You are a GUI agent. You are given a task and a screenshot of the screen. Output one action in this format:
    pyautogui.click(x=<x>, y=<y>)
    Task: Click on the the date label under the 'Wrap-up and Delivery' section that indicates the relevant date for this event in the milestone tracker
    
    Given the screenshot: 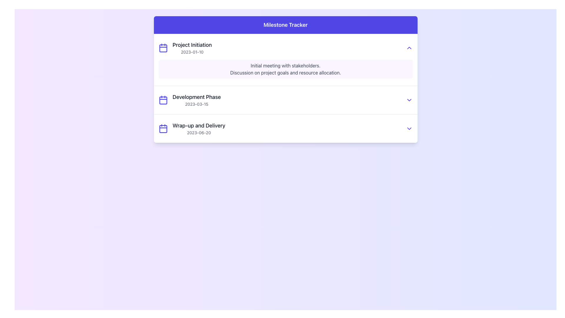 What is the action you would take?
    pyautogui.click(x=199, y=133)
    